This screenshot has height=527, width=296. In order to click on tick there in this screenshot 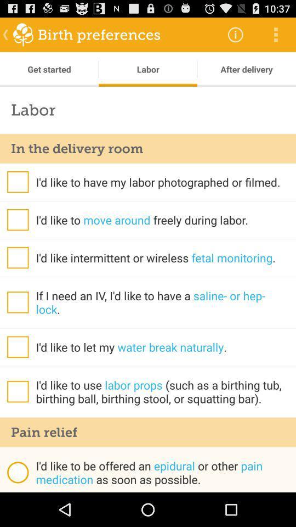, I will do `click(17, 257)`.